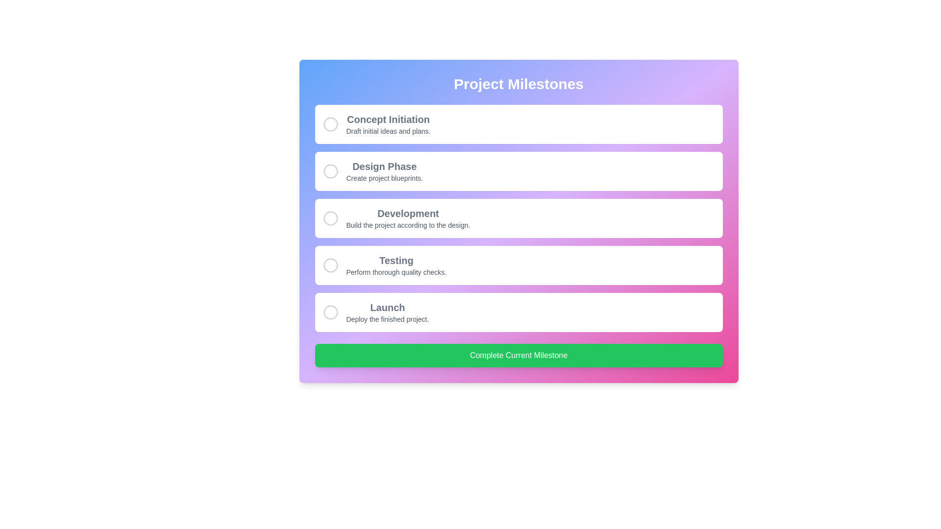 This screenshot has height=529, width=941. What do you see at coordinates (330, 171) in the screenshot?
I see `the decorative circle element that signifies status in the second entry of the list under 'Design Phase'` at bounding box center [330, 171].